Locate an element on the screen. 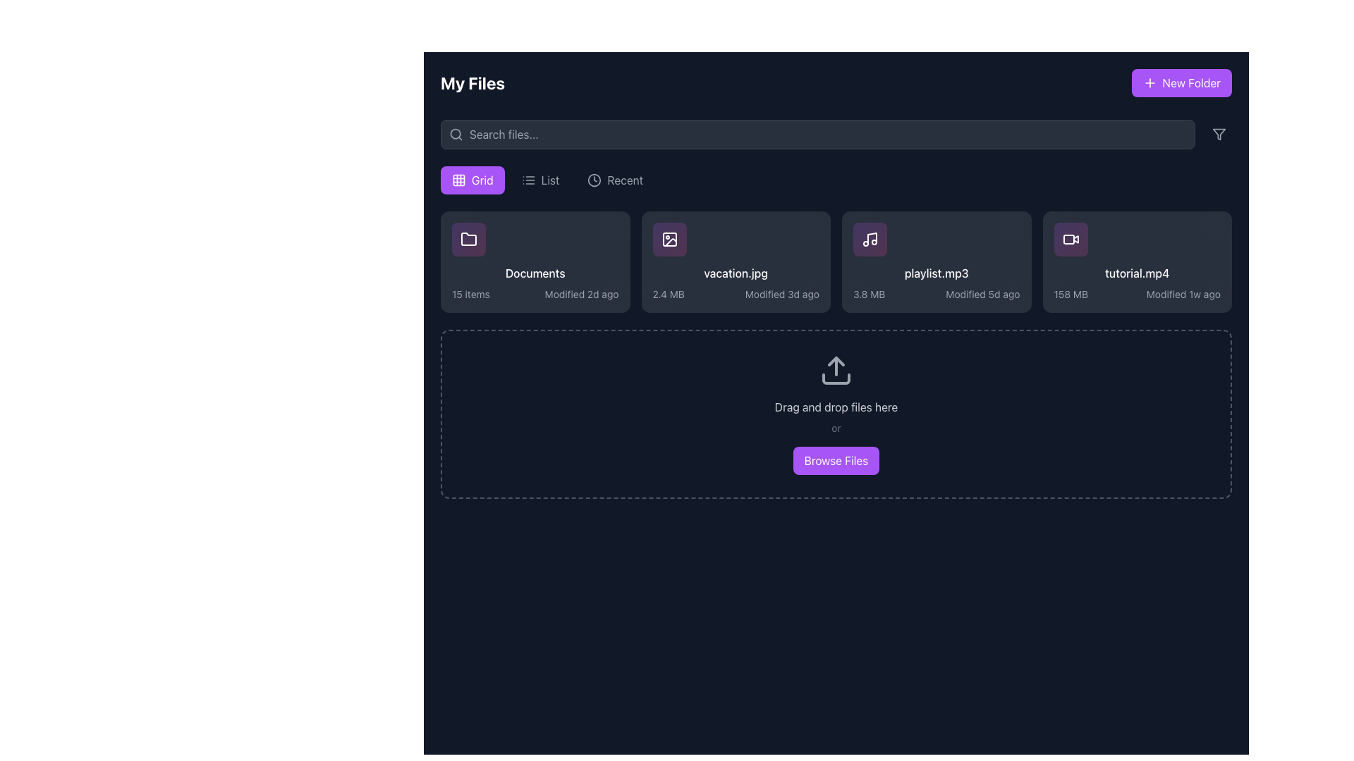 The image size is (1354, 761). the 'Grid' label within the purple button located at the top section of the interface, which switches the display layout to a grid view is located at coordinates (482, 179).